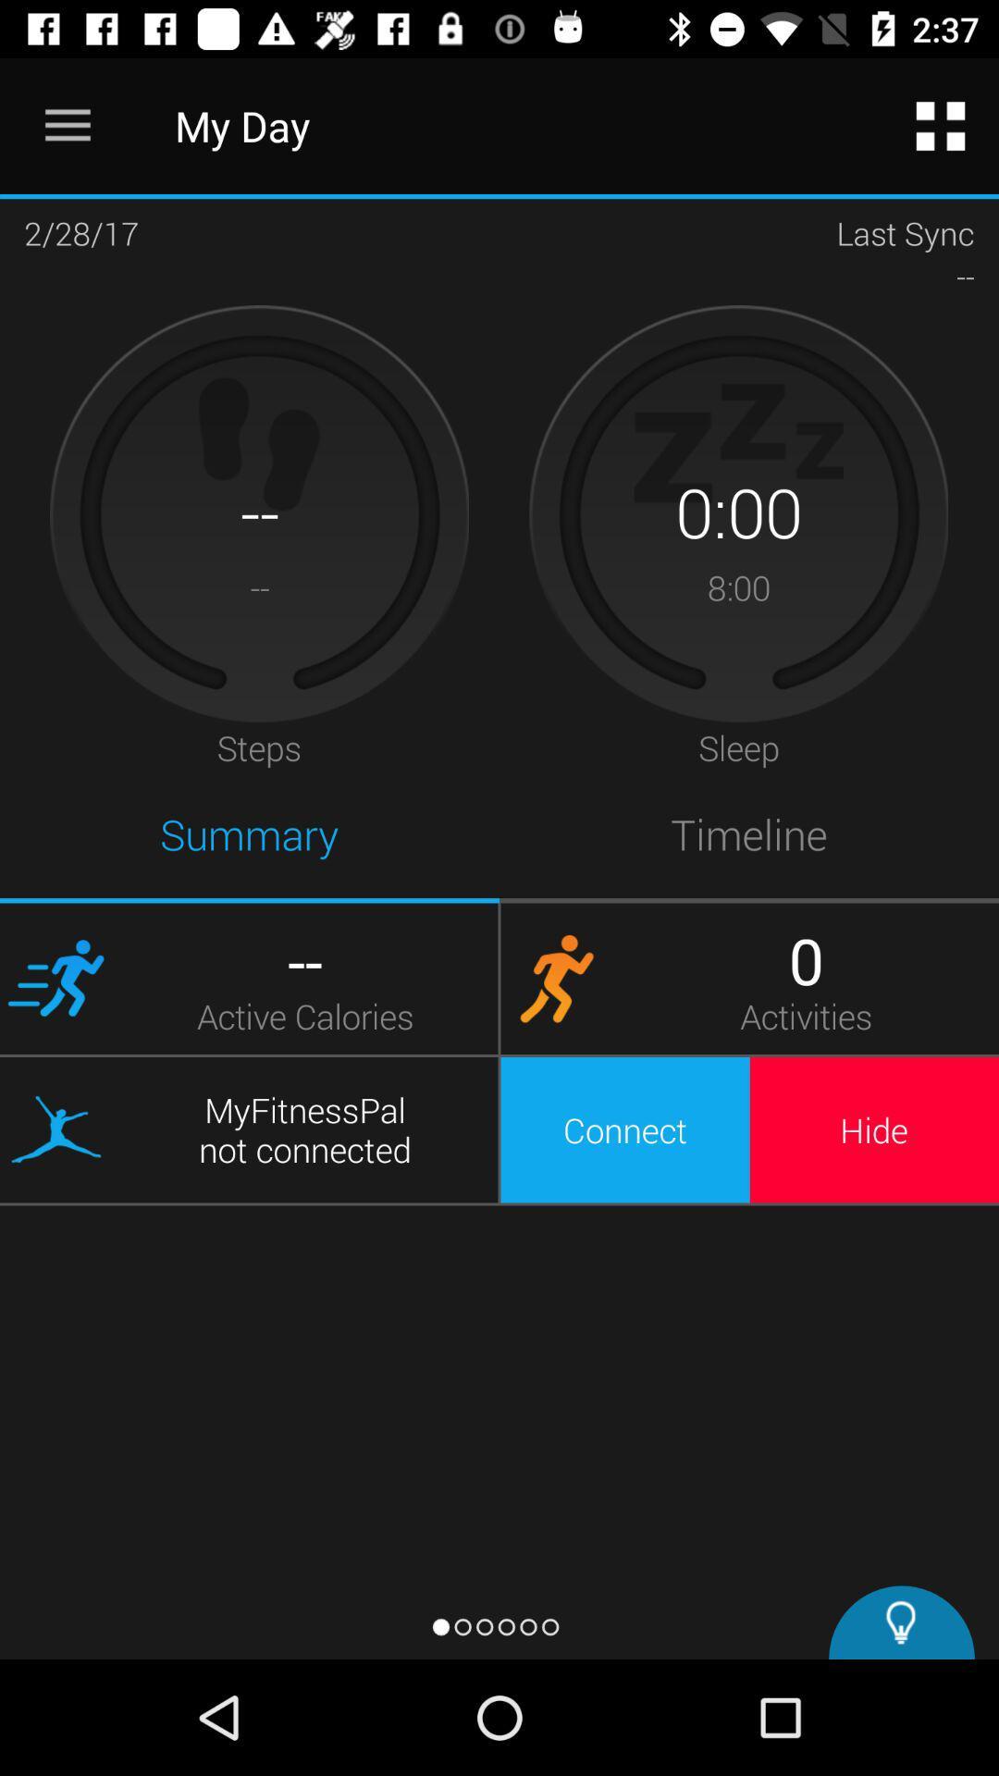 This screenshot has height=1776, width=999. What do you see at coordinates (874, 1128) in the screenshot?
I see `the hide` at bounding box center [874, 1128].